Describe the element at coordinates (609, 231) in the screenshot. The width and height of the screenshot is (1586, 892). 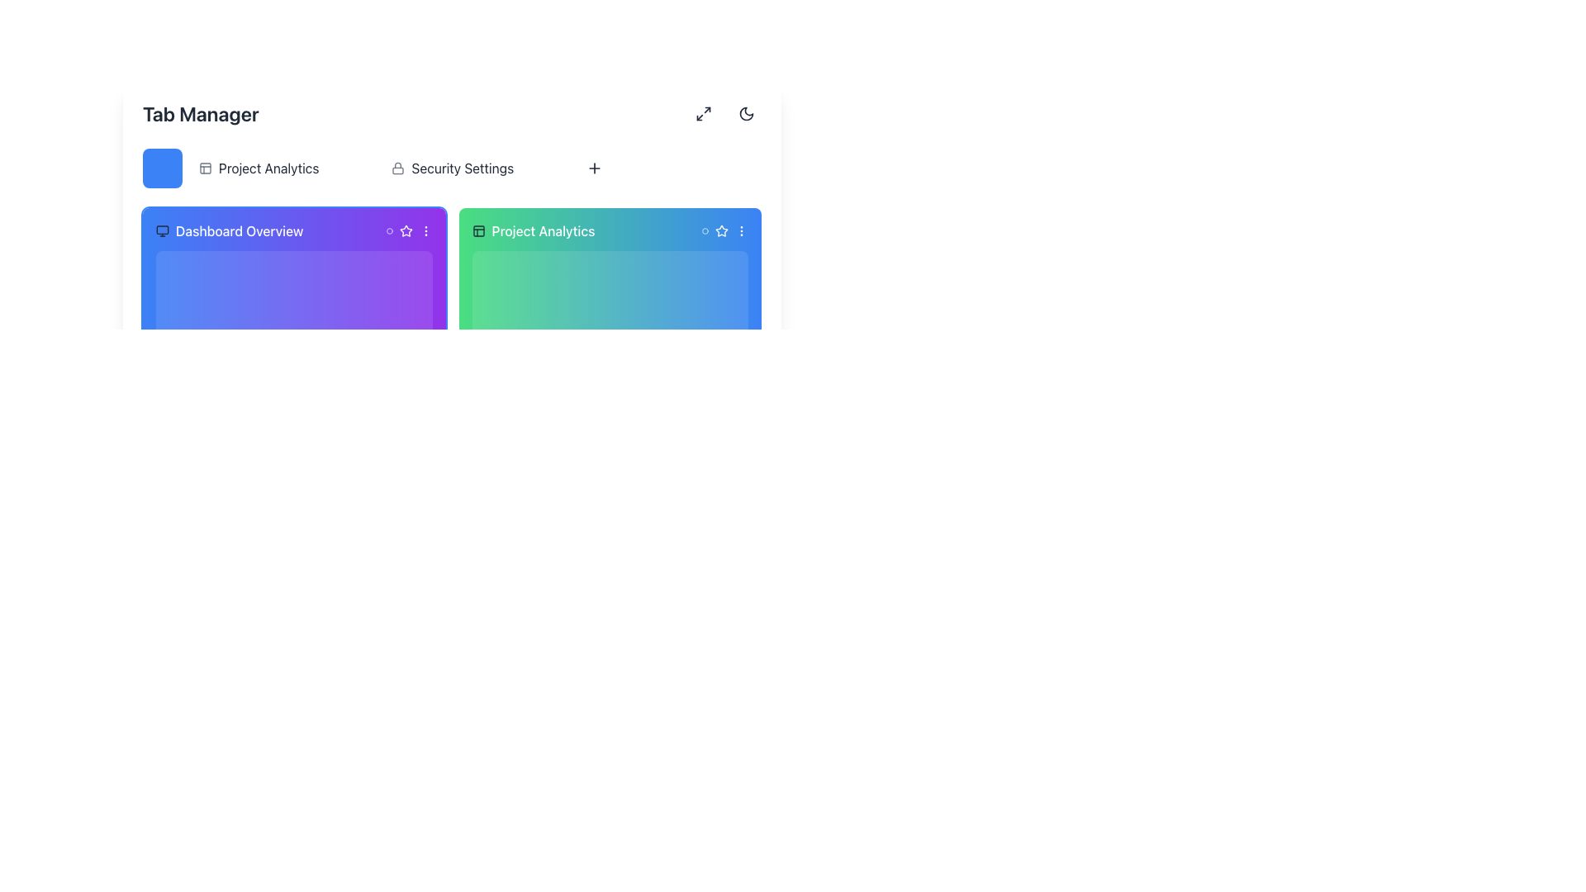
I see `the styling of the Header bar, which features a gradient background from green to blue and contains the text 'Project Analytics' in white color` at that location.